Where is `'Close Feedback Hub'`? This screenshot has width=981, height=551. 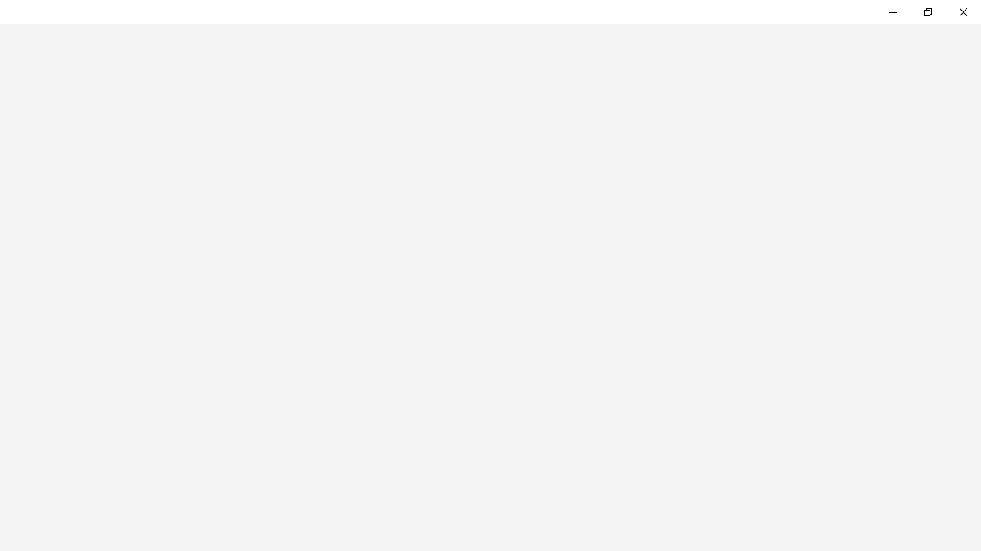 'Close Feedback Hub' is located at coordinates (962, 11).